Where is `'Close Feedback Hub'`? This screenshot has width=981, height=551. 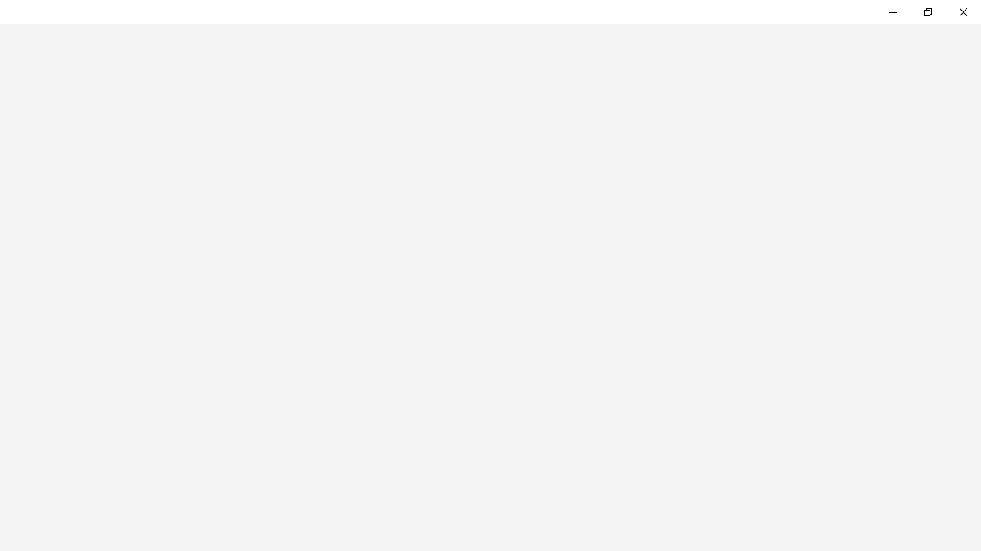 'Close Feedback Hub' is located at coordinates (962, 11).